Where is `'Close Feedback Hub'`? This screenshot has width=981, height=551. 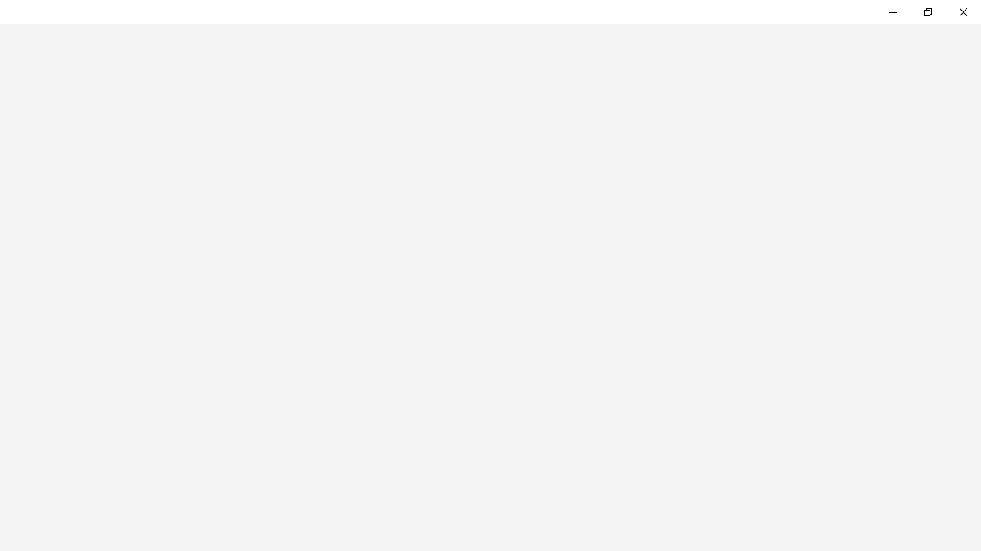 'Close Feedback Hub' is located at coordinates (962, 11).